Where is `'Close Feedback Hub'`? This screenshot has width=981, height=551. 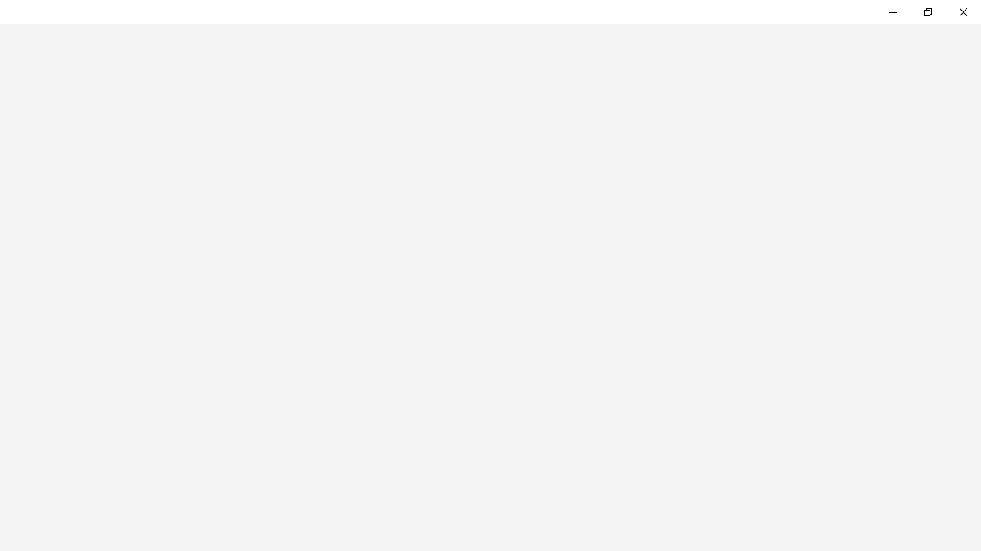 'Close Feedback Hub' is located at coordinates (962, 11).